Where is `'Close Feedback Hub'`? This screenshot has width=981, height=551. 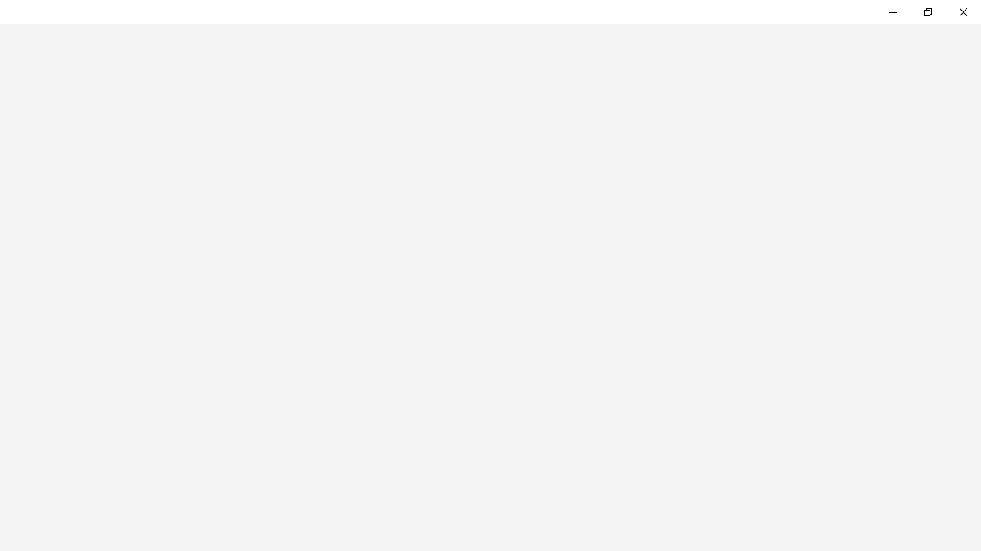 'Close Feedback Hub' is located at coordinates (962, 11).